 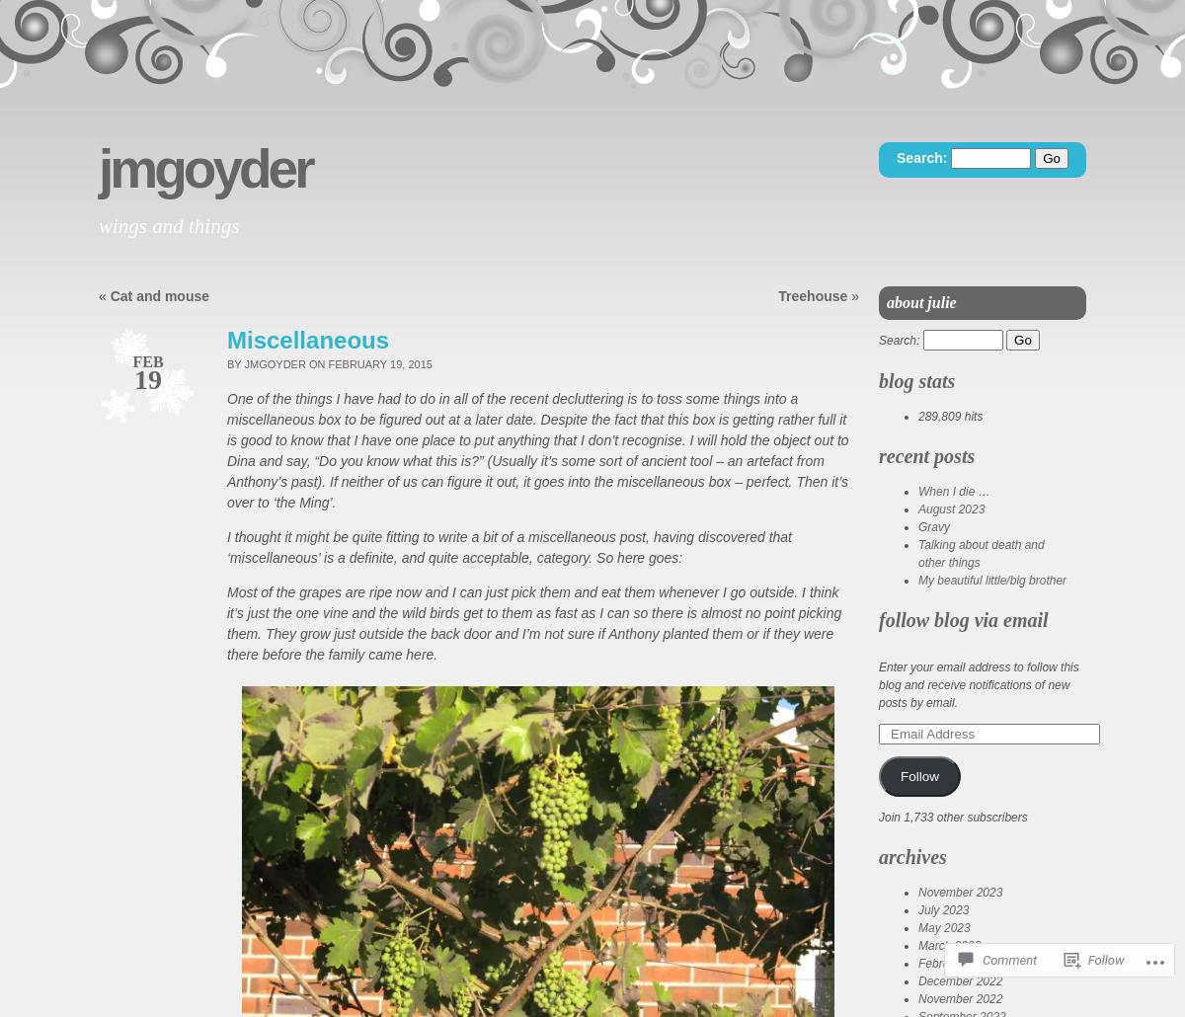 What do you see at coordinates (98, 167) in the screenshot?
I see `'jmgoyder'` at bounding box center [98, 167].